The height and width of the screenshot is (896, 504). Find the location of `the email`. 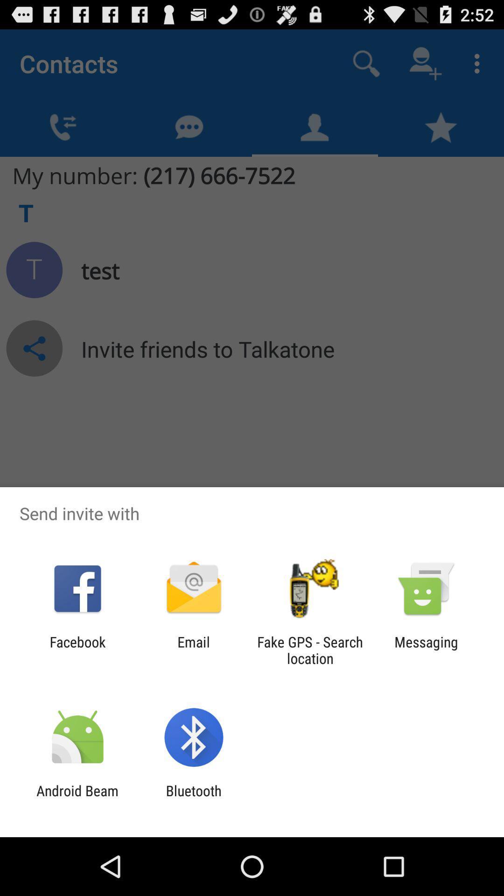

the email is located at coordinates (193, 650).